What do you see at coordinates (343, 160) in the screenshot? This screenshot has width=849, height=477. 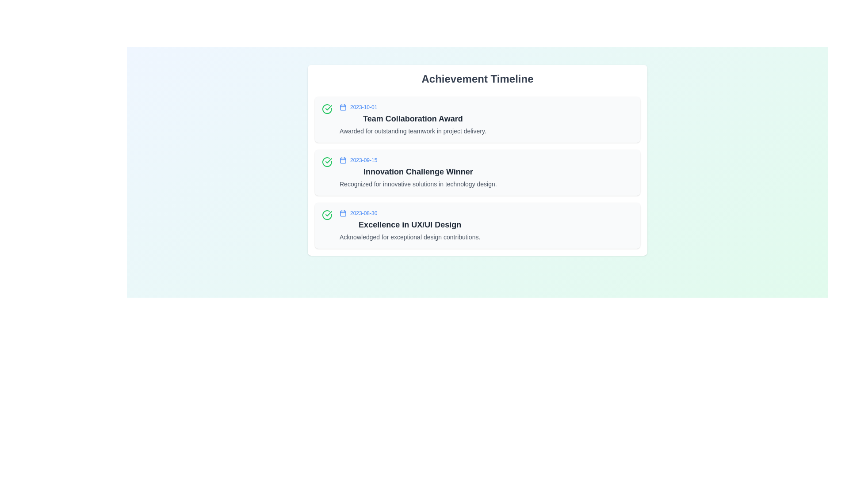 I see `the Icon decoration for the calendar visual element located in the second timeline entry by clicking on its center point` at bounding box center [343, 160].